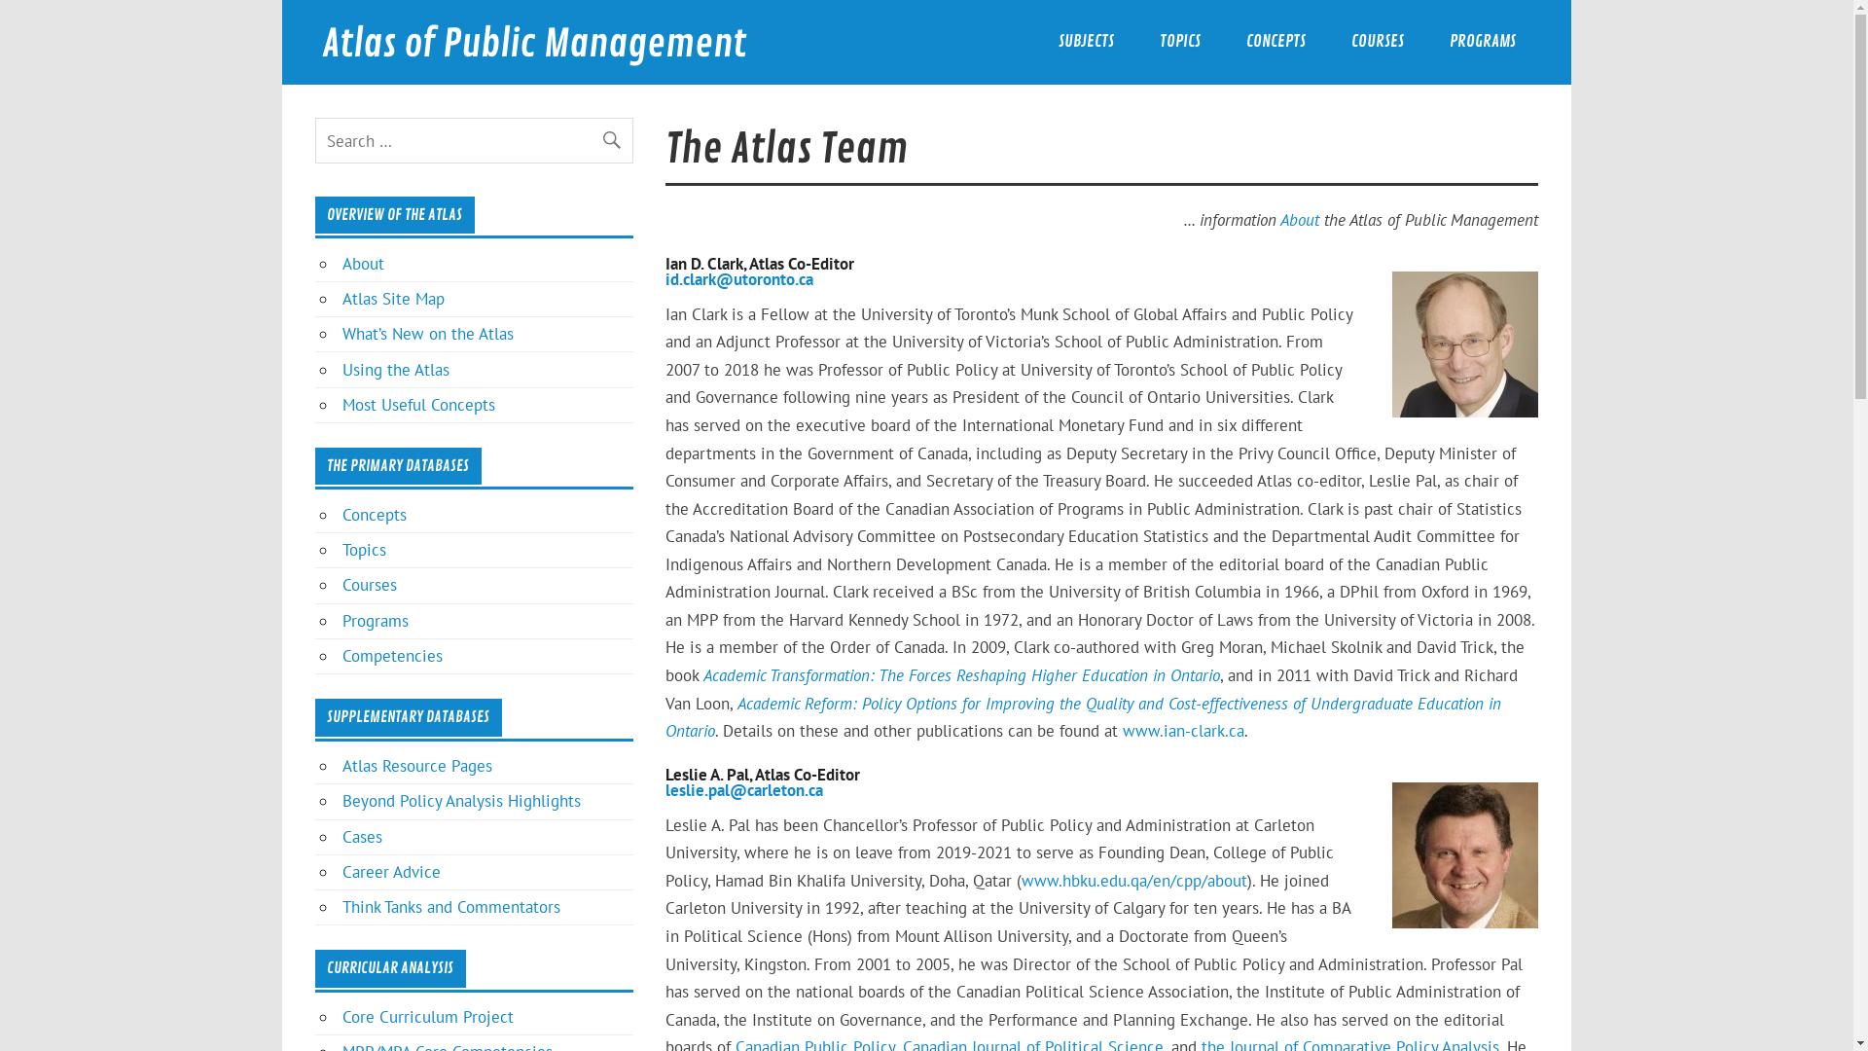  I want to click on 'www.hbku.edu.qa/en/cpp/about', so click(1021, 881).